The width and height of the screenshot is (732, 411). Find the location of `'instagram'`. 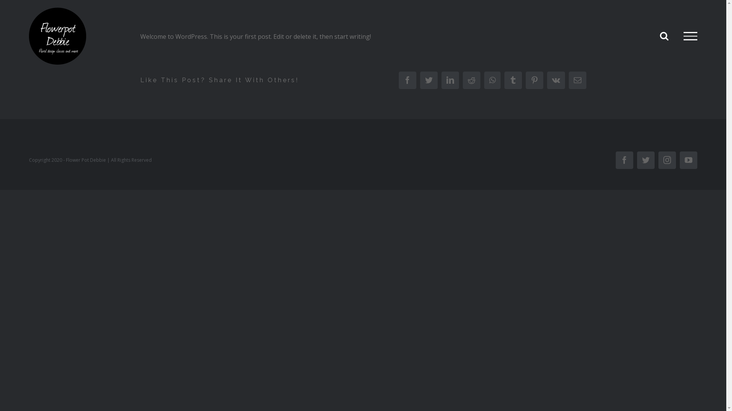

'instagram' is located at coordinates (667, 159).